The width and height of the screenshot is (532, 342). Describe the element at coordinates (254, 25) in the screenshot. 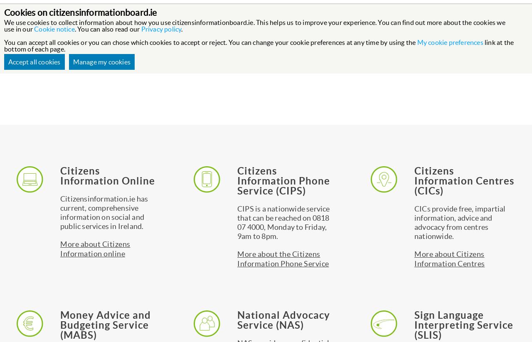

I see `'We use cookies to collect information about how you use citizensinformationboard.ie. This helps us to improve your experience. You can find out more about the cookies we use in our'` at that location.